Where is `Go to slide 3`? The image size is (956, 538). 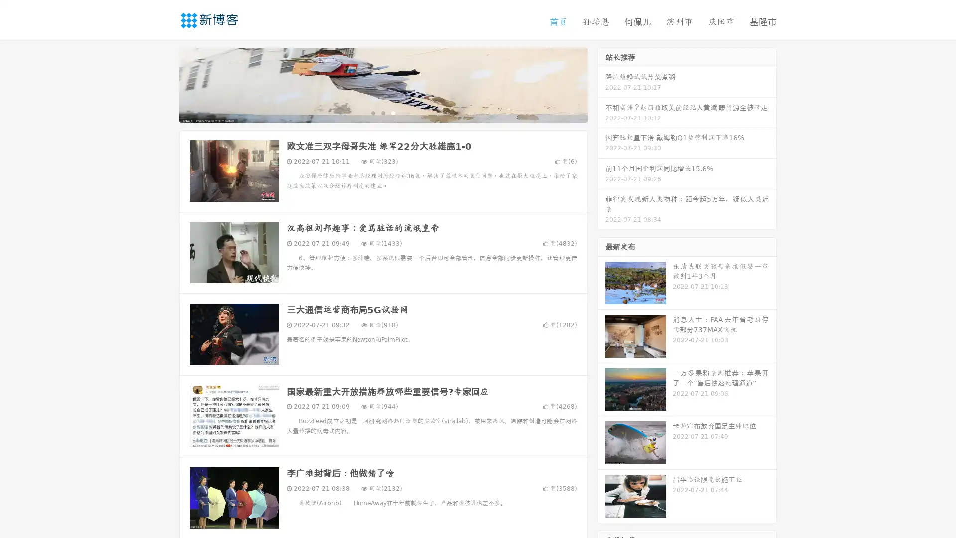 Go to slide 3 is located at coordinates (393, 112).